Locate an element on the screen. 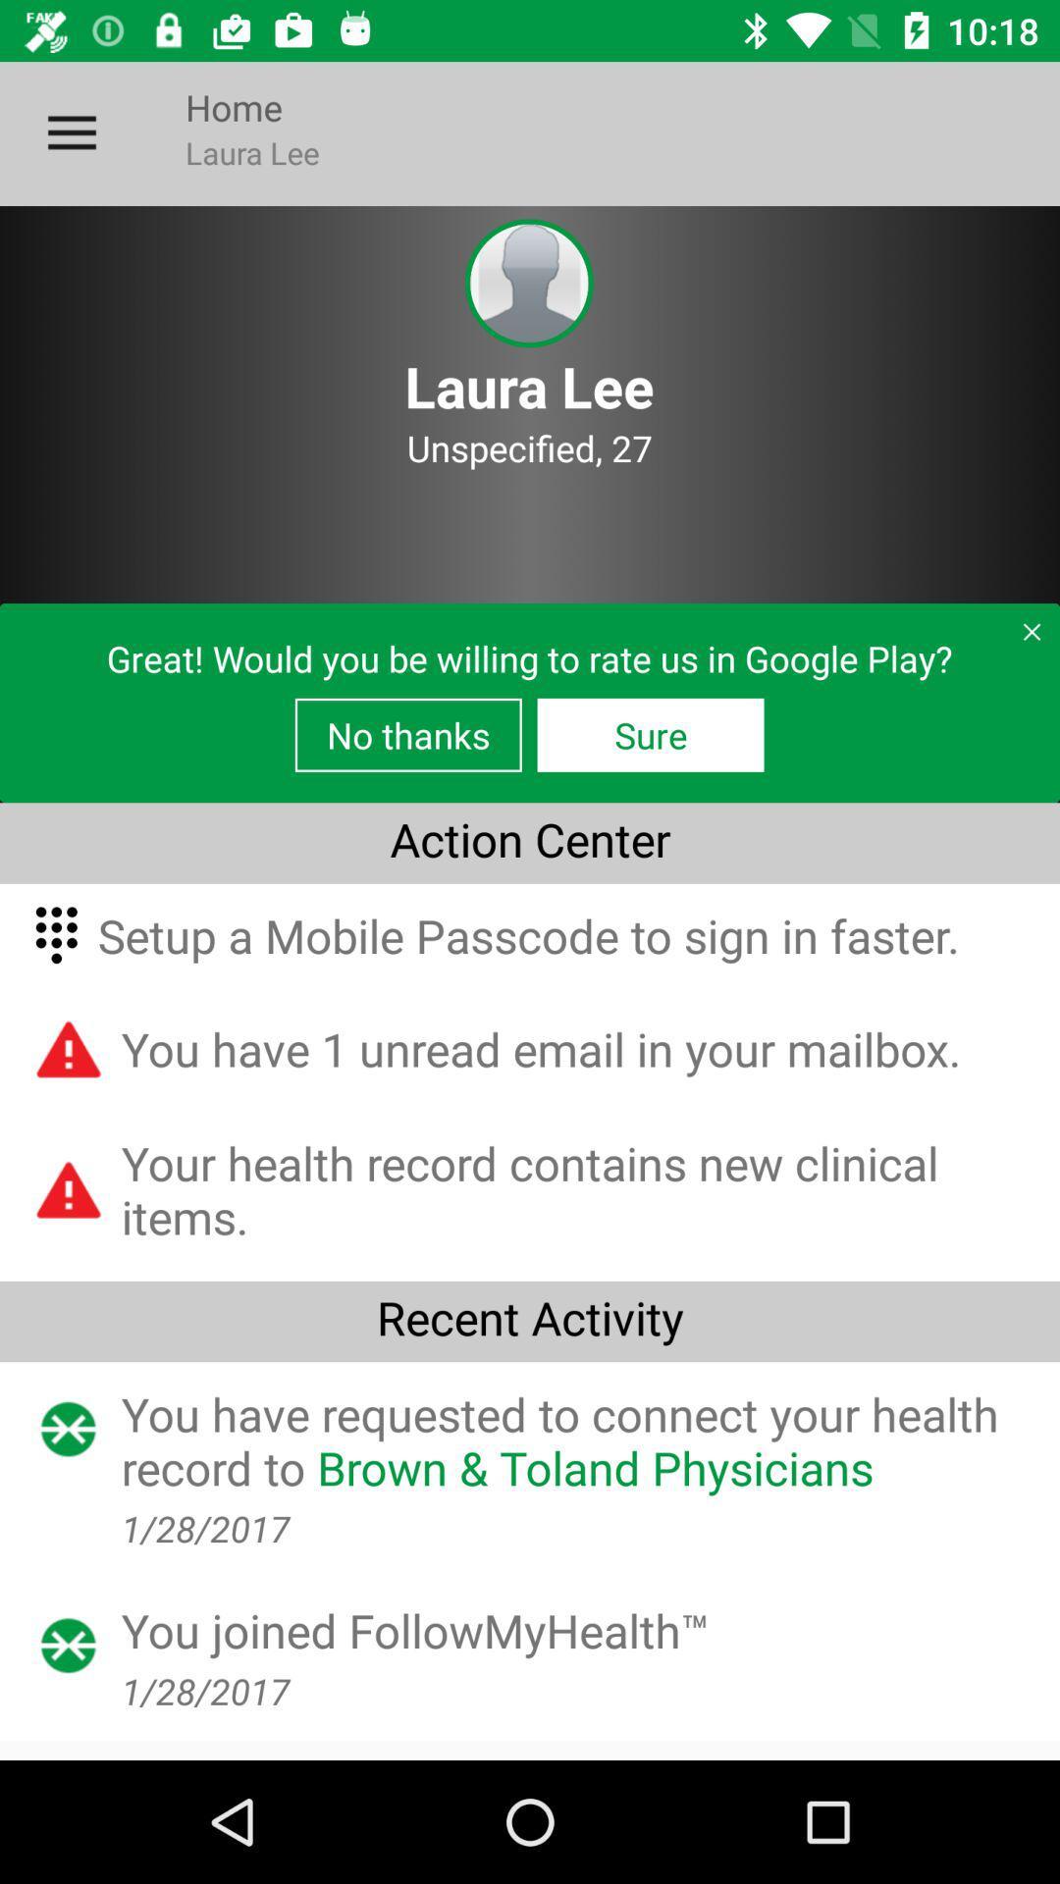 This screenshot has width=1060, height=1884. the profile icon of laura lee is located at coordinates (528, 283).